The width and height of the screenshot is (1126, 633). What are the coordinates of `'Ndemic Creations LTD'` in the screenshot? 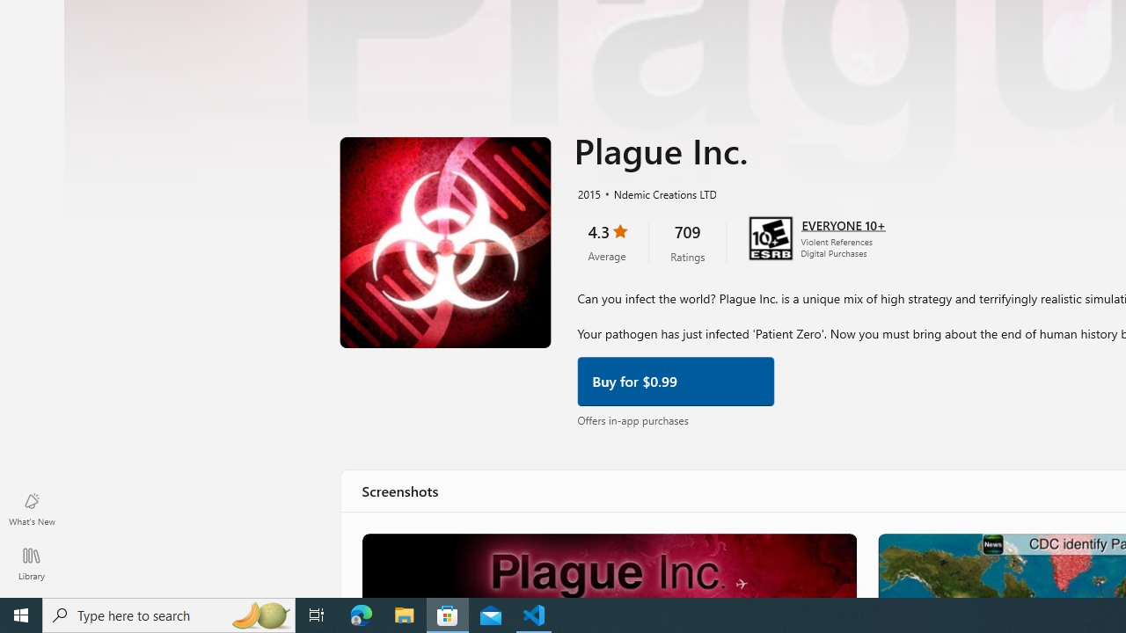 It's located at (657, 193).